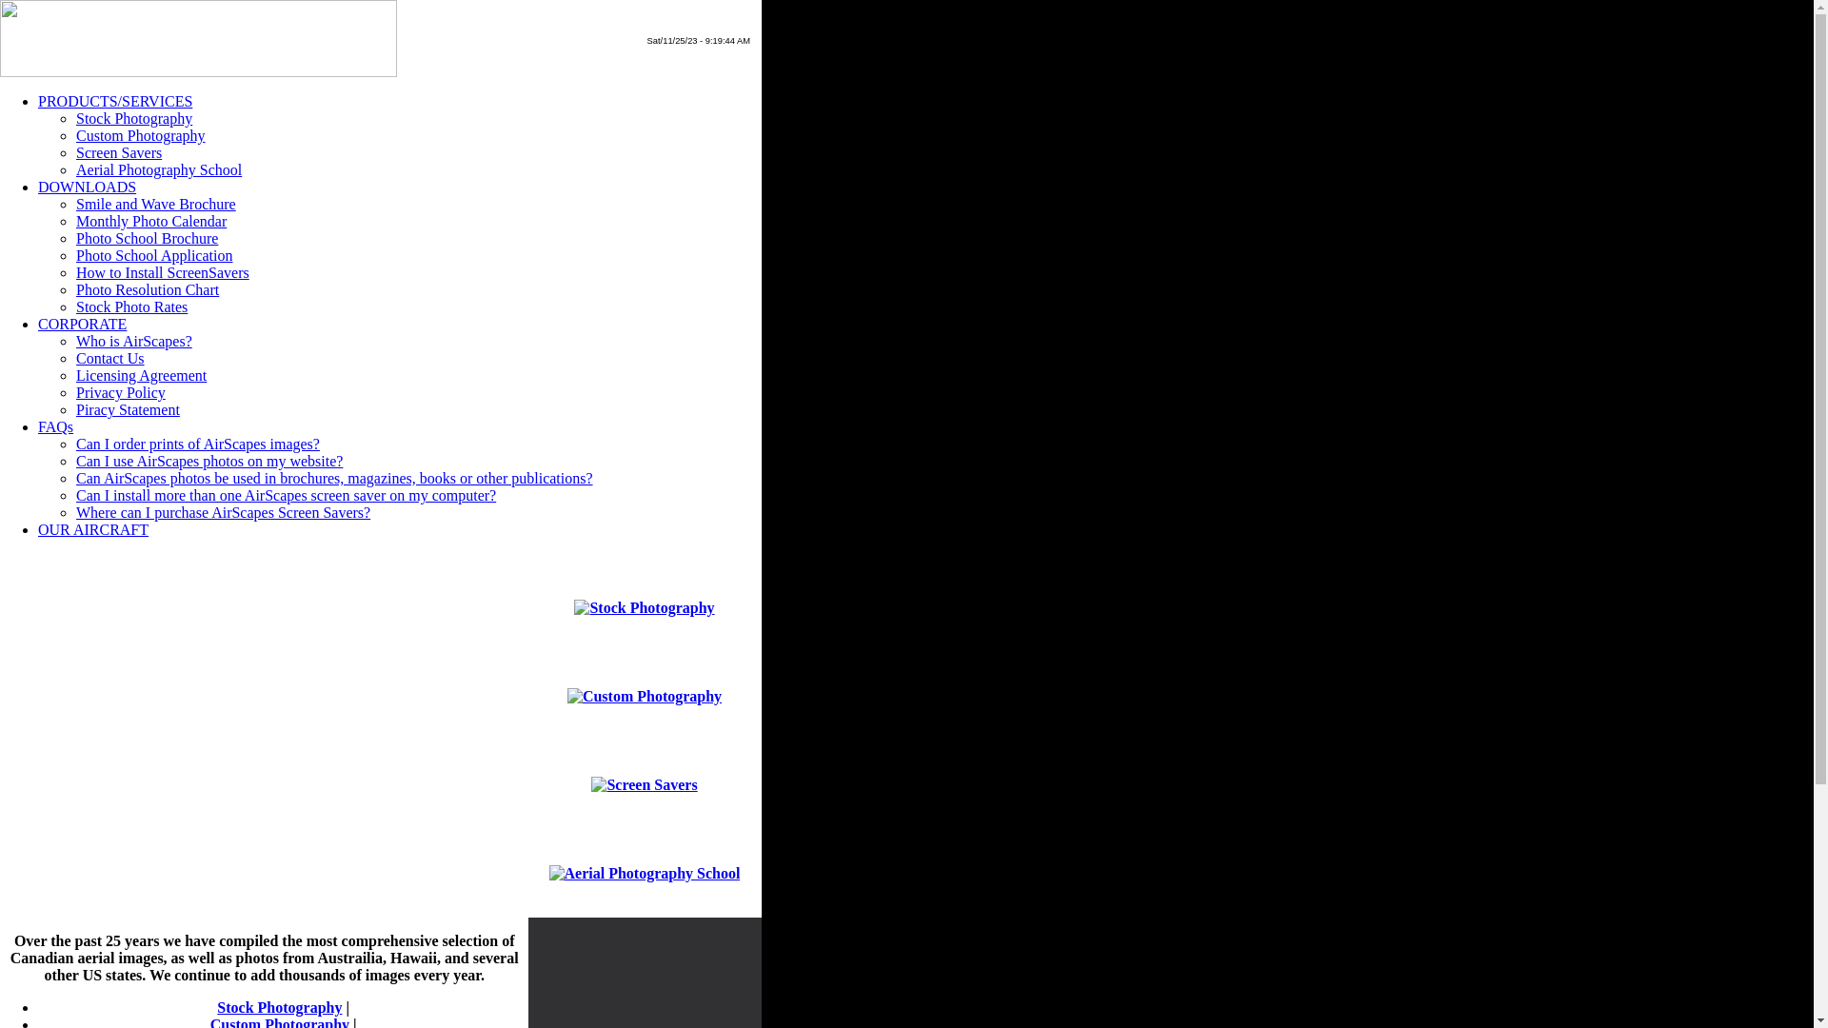 The image size is (1828, 1028). I want to click on 'Stock Photography', so click(76, 118).